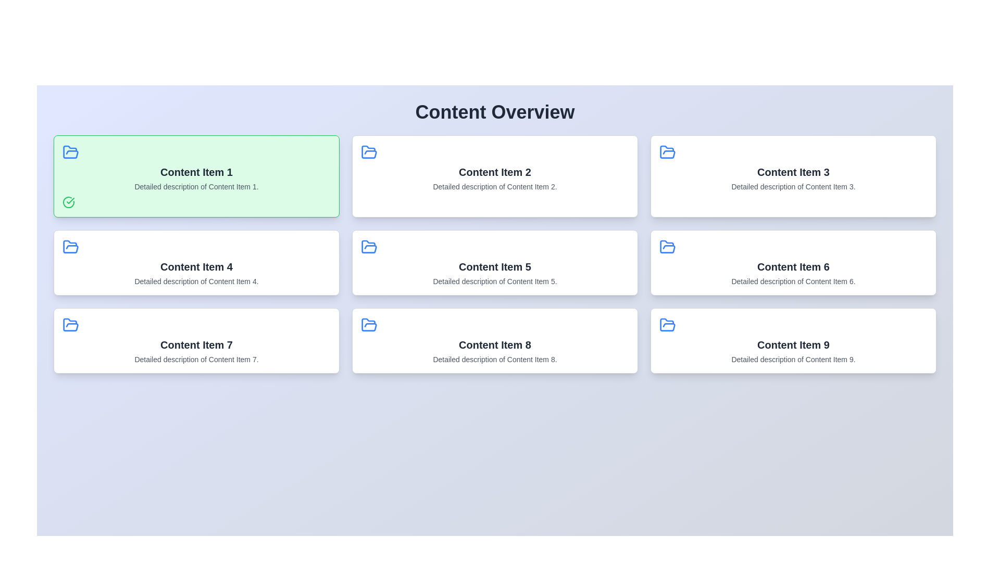 The height and width of the screenshot is (562, 1000). What do you see at coordinates (494, 281) in the screenshot?
I see `the static text label located beneath the bold title 'Content Item 5' within the bordered card, positioned in the 2nd row and 2nd column of the layout grid` at bounding box center [494, 281].